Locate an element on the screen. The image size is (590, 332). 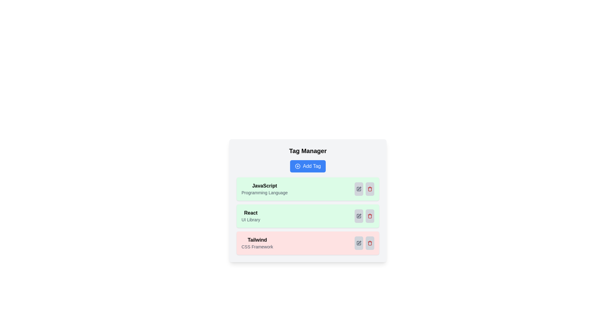
the edit icon of the tag with name React to toggle its active state is located at coordinates (359, 215).